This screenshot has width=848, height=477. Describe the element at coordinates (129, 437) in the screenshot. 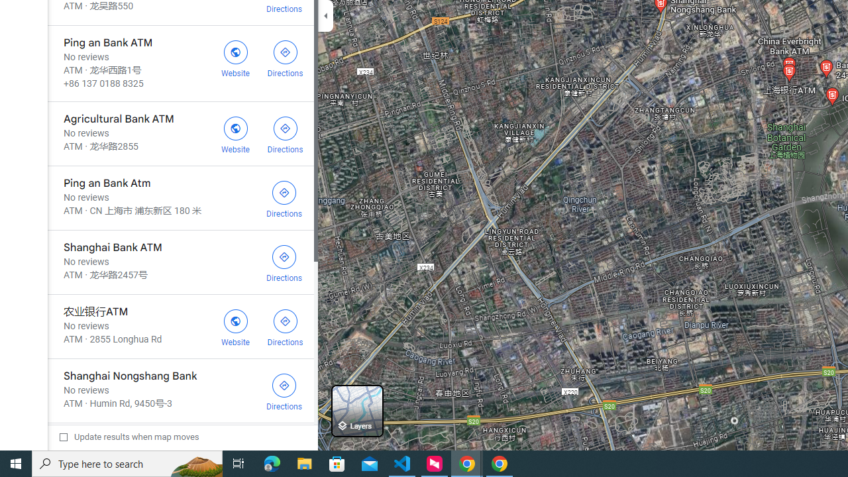

I see `'Update results when map moves'` at that location.